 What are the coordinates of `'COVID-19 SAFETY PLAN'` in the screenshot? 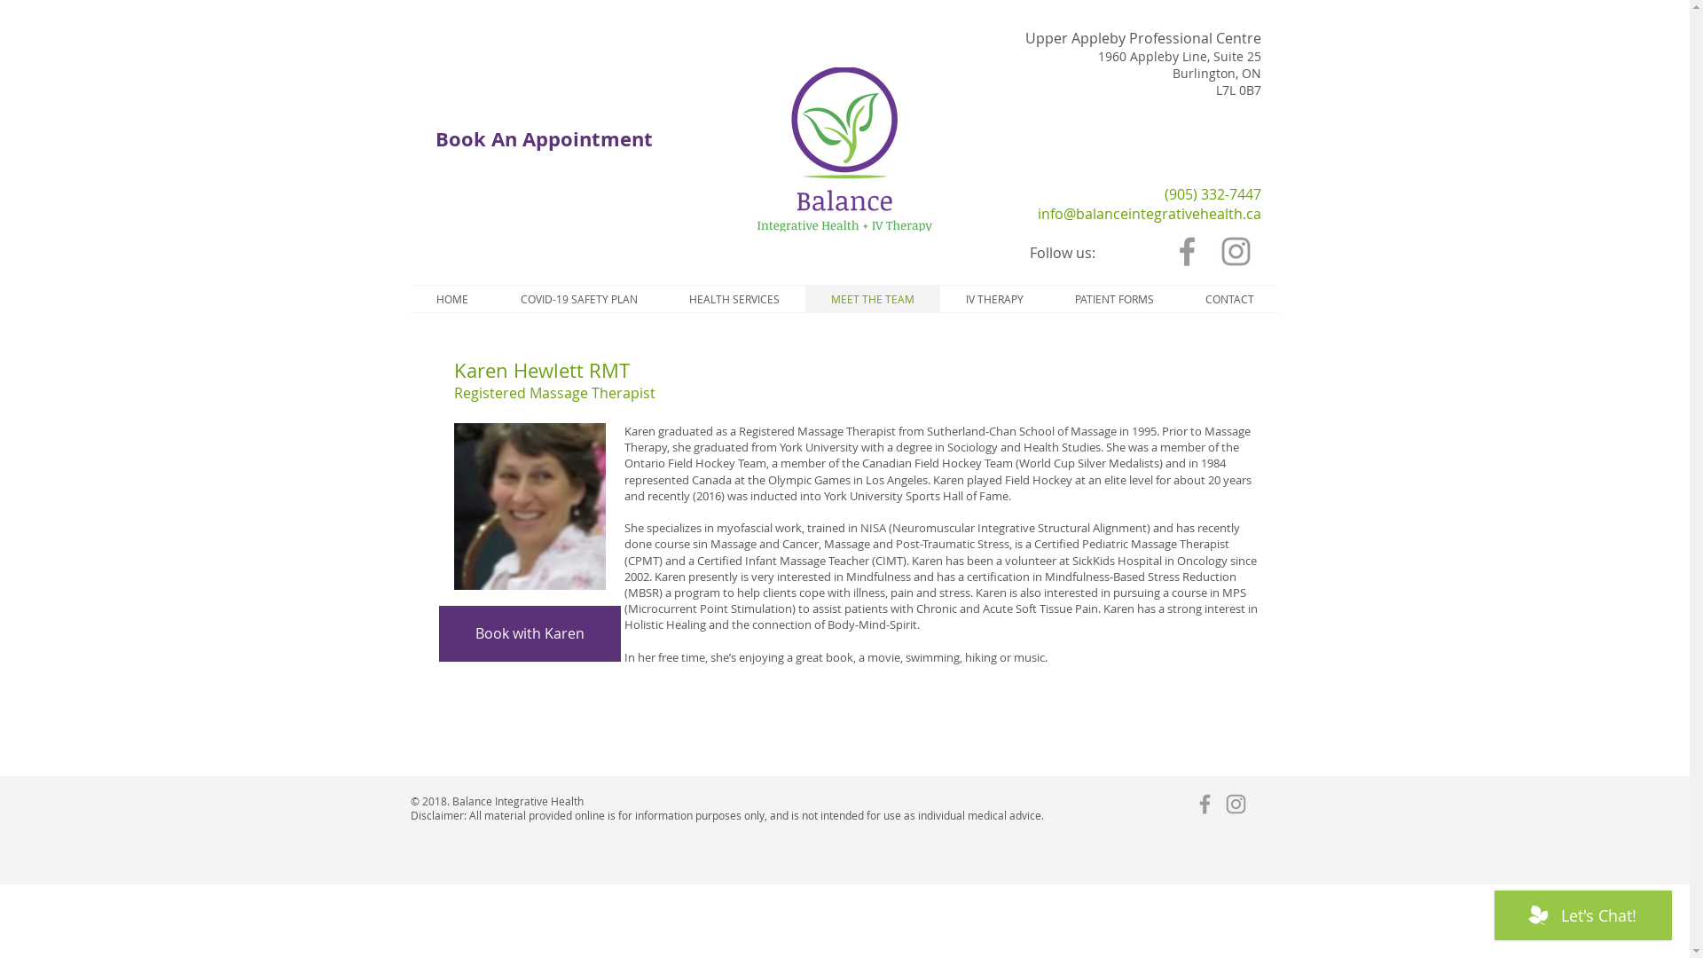 It's located at (578, 297).